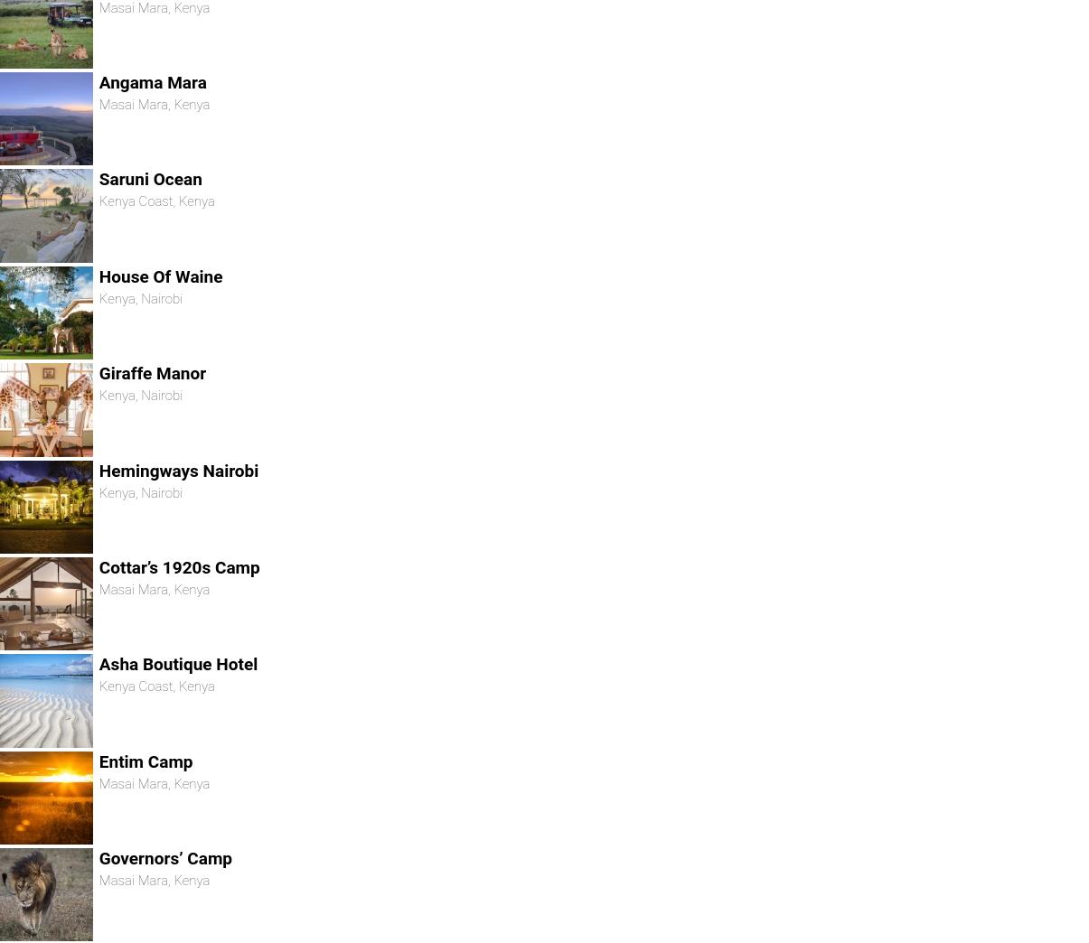 This screenshot has width=1089, height=943. Describe the element at coordinates (151, 82) in the screenshot. I see `'Angama Mara'` at that location.